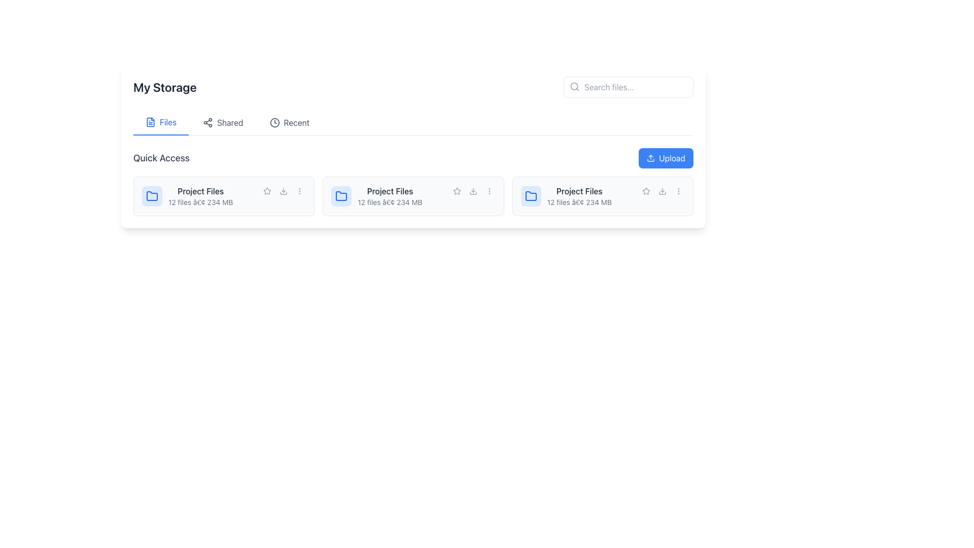 Image resolution: width=974 pixels, height=548 pixels. Describe the element at coordinates (151, 196) in the screenshot. I see `the small blue folder icon located at the top-left corner of the project details card, next to the 'Project Files' text` at that location.